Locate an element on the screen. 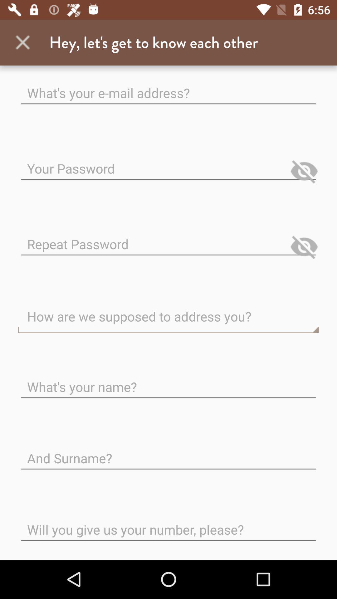  input phone number is located at coordinates (168, 524).